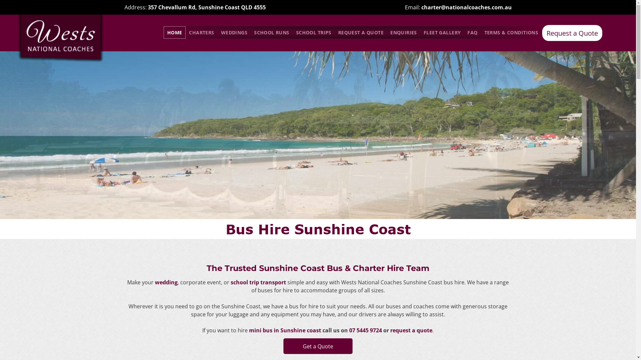 The width and height of the screenshot is (641, 360). Describe the element at coordinates (258, 282) in the screenshot. I see `'school trip transport'` at that location.